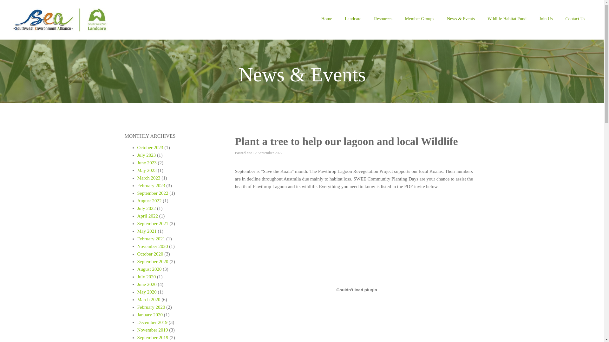  Describe the element at coordinates (152, 193) in the screenshot. I see `'September 2022'` at that location.